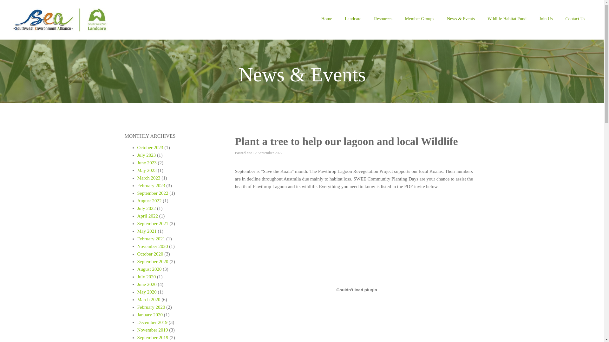  Describe the element at coordinates (152, 193) in the screenshot. I see `'September 2022'` at that location.